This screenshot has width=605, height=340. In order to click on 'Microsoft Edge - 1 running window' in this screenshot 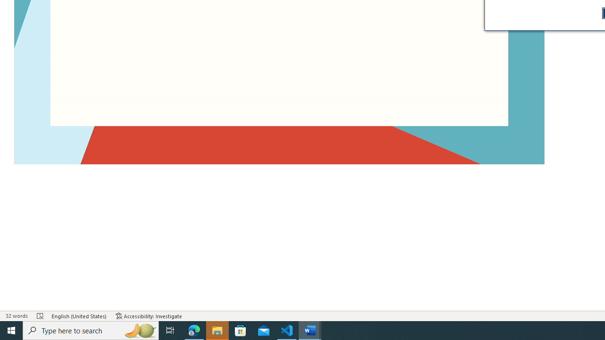, I will do `click(194, 330)`.